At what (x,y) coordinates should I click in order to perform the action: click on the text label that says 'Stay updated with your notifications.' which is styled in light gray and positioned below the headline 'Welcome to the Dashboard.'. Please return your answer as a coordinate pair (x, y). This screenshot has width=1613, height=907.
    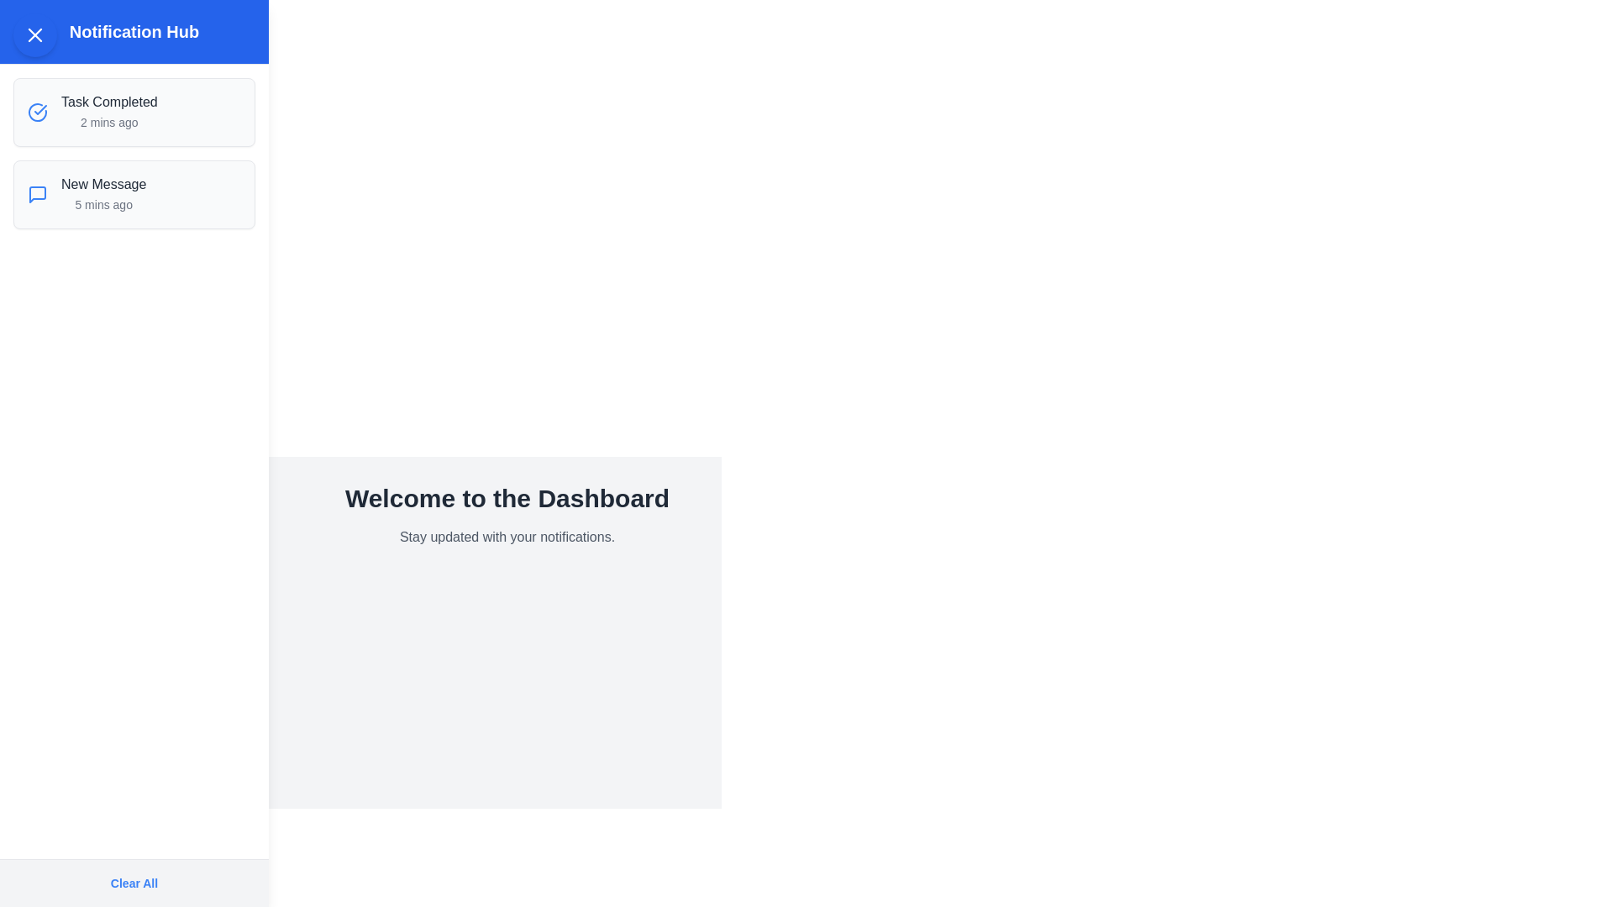
    Looking at the image, I should click on (507, 537).